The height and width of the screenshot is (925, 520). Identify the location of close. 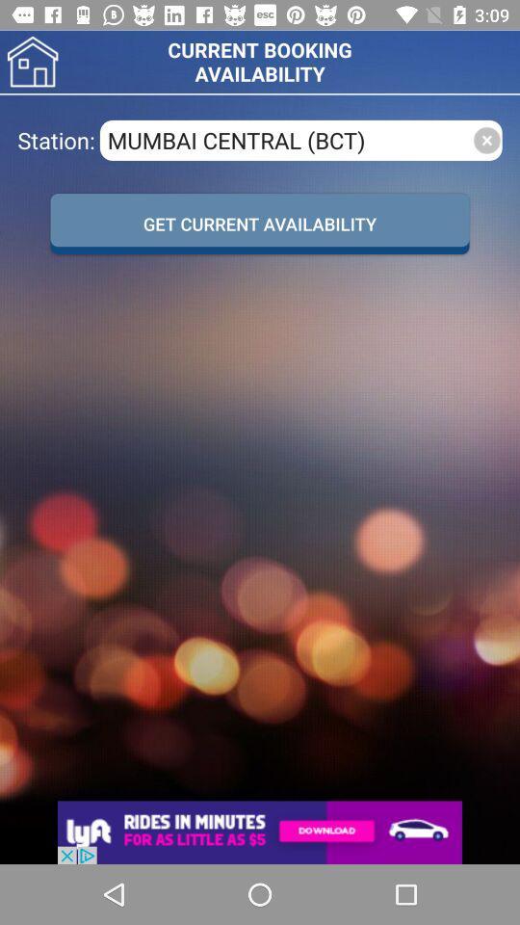
(485, 139).